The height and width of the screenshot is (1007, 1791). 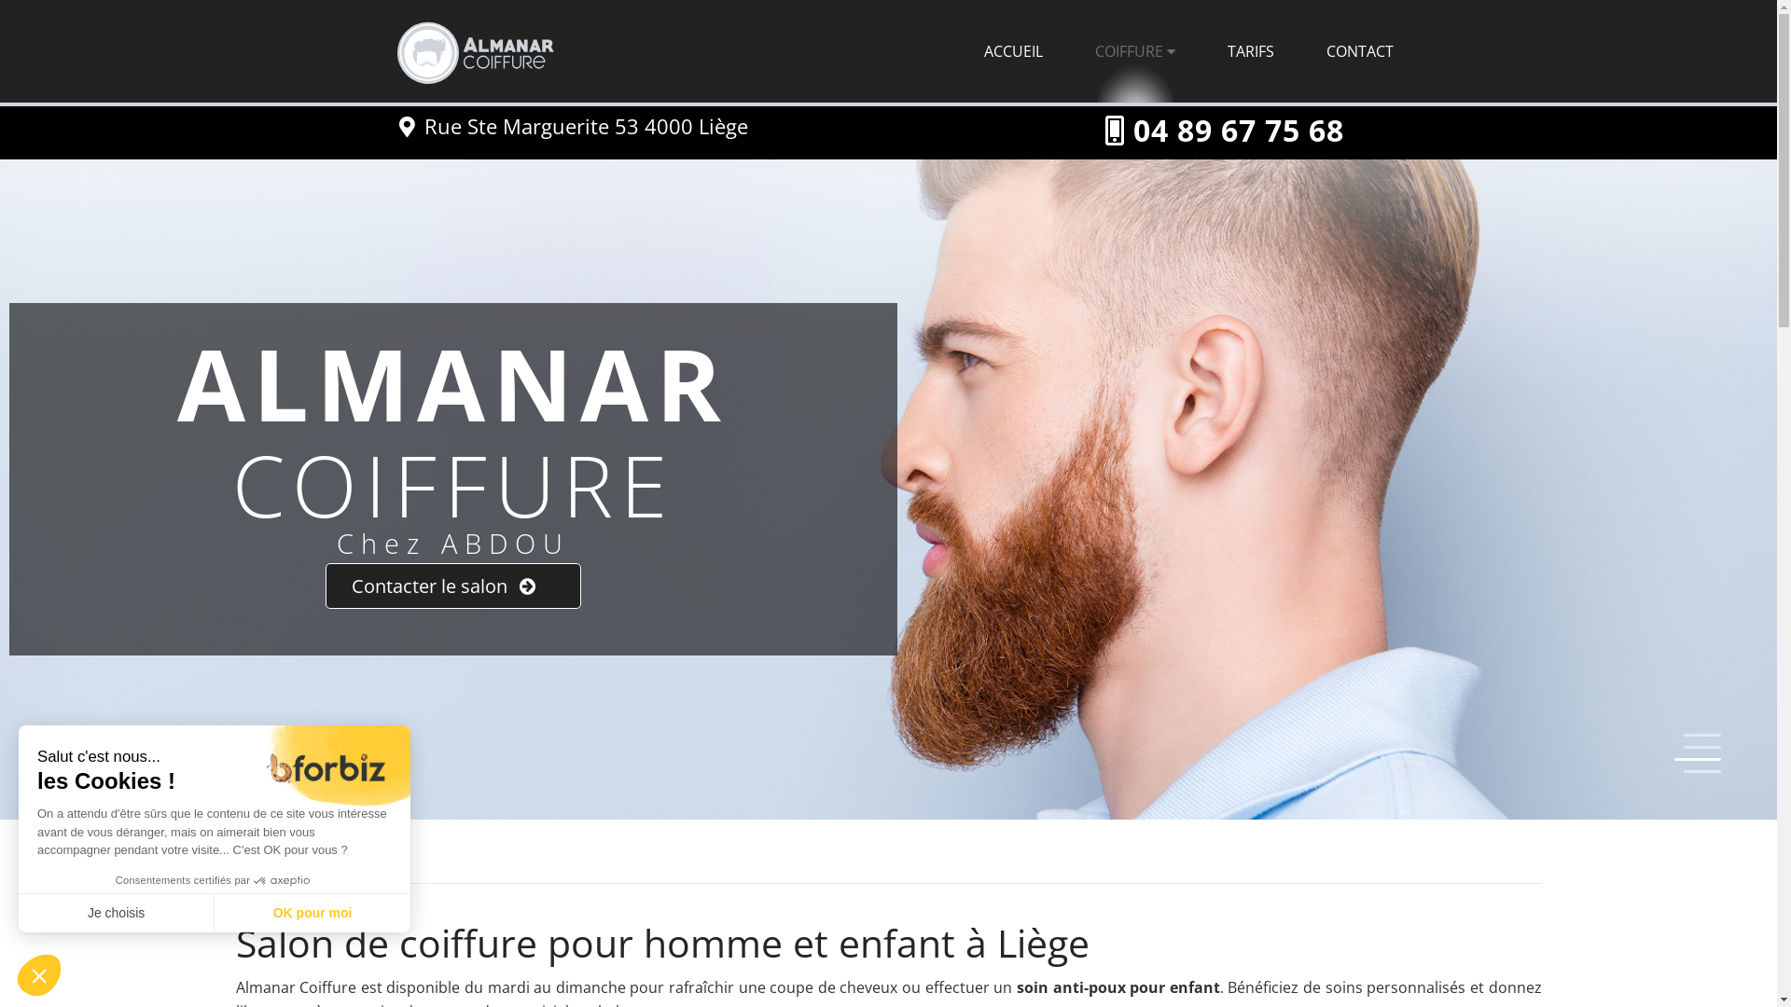 What do you see at coordinates (312, 912) in the screenshot?
I see `'OK pour moi'` at bounding box center [312, 912].